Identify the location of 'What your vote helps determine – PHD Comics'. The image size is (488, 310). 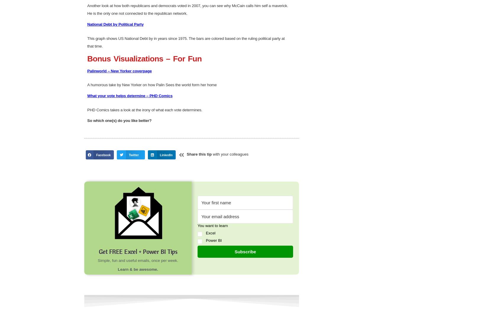
(87, 298).